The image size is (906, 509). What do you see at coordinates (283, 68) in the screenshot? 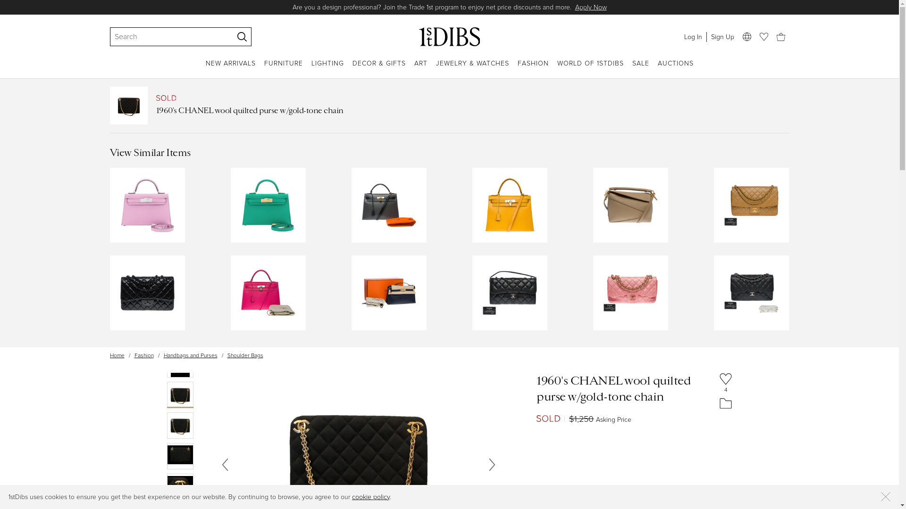
I see `'FURNITURE'` at bounding box center [283, 68].